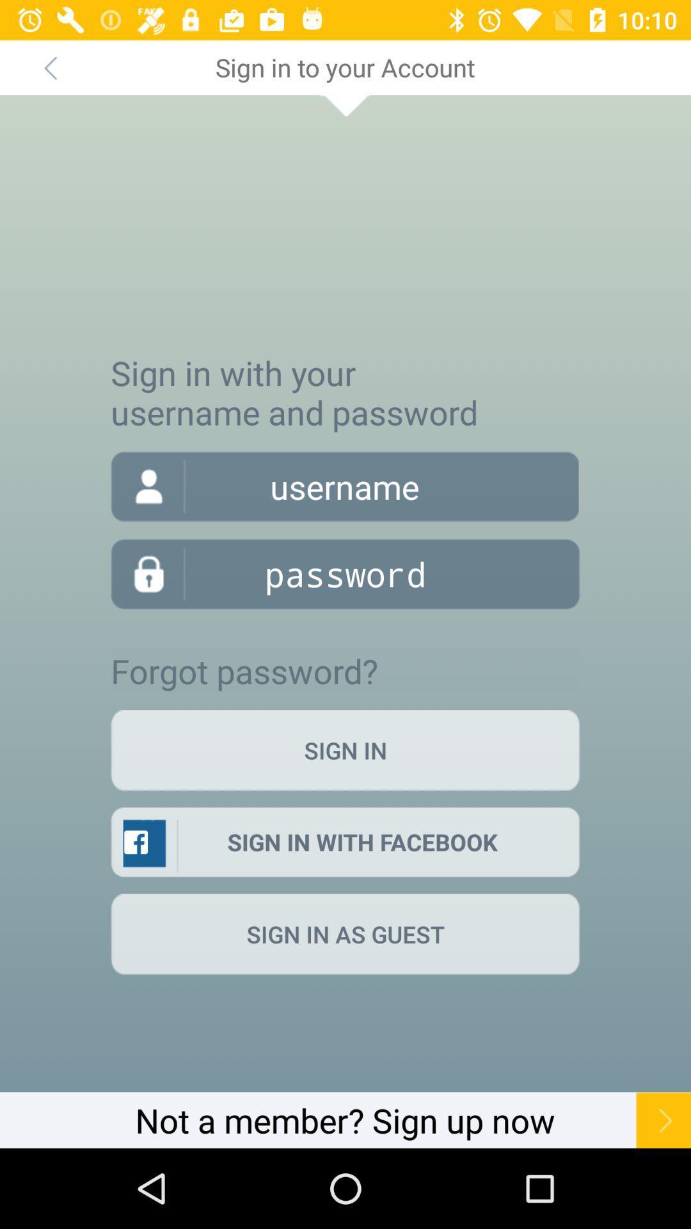  What do you see at coordinates (244, 670) in the screenshot?
I see `forgot password? icon` at bounding box center [244, 670].